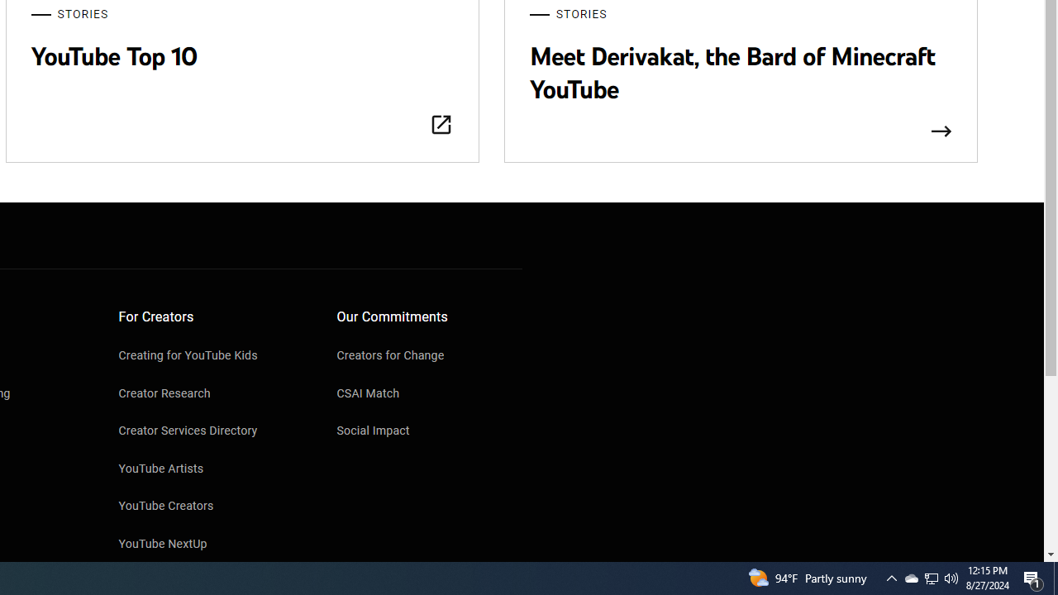  I want to click on 'YouTube Creators', so click(211, 507).